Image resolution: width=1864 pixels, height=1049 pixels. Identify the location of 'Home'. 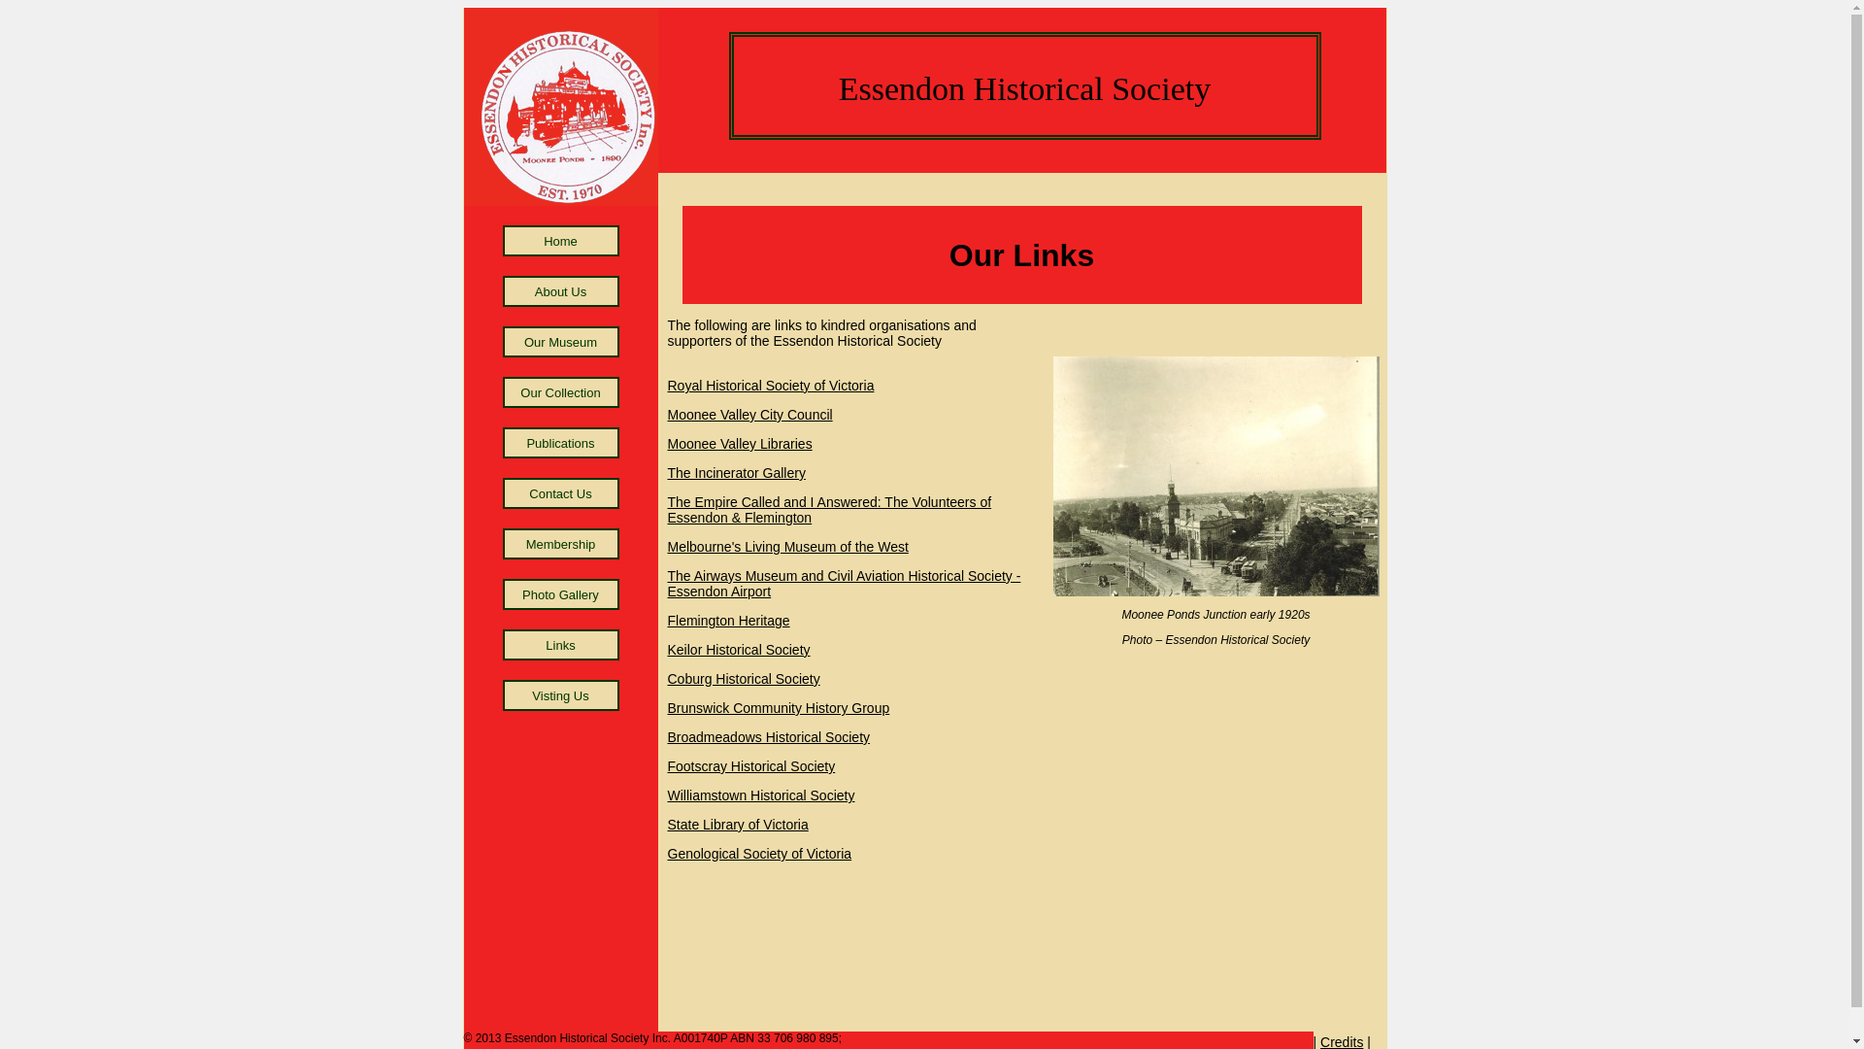
(559, 239).